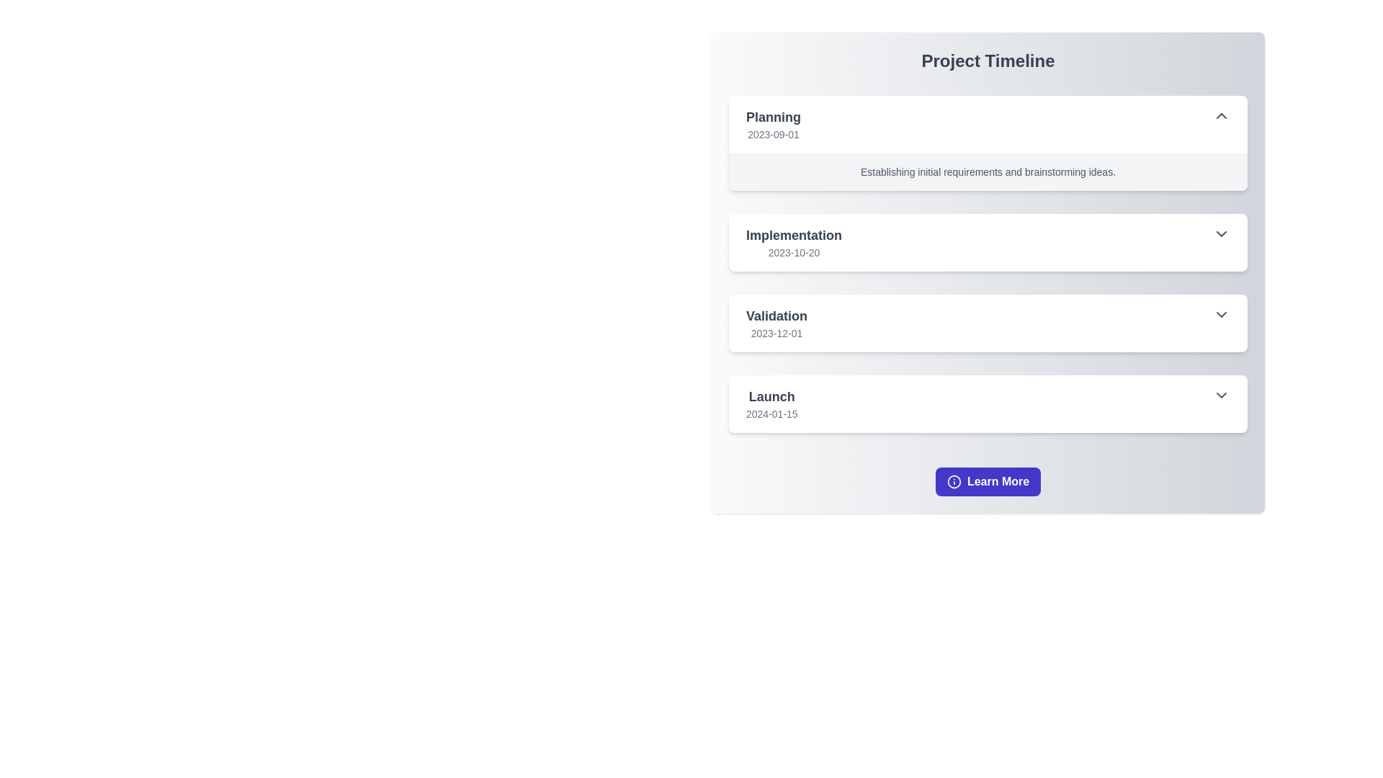 The height and width of the screenshot is (778, 1383). Describe the element at coordinates (793, 252) in the screenshot. I see `the text label displaying the date '2023-10-20' located below the header 'Implementation' in the 'Project Timeline' section` at that location.